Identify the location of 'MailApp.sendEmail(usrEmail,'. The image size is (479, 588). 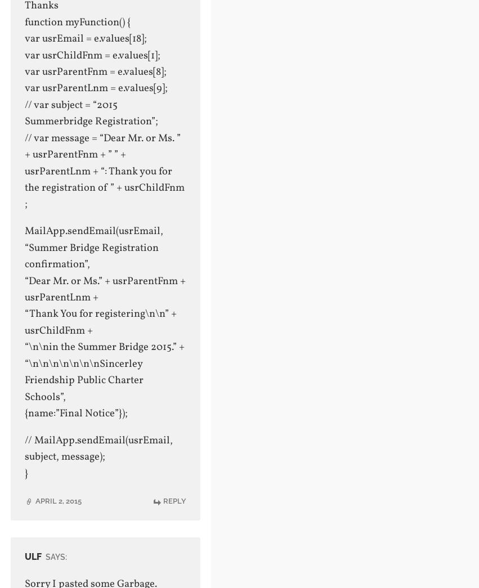
(93, 231).